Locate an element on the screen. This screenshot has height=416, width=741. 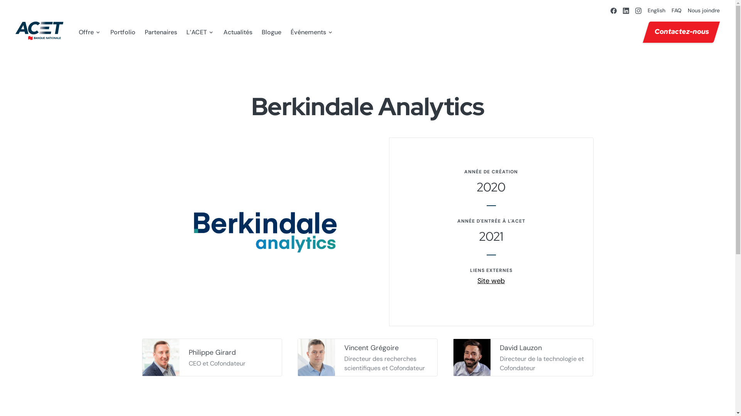
'Offre' is located at coordinates (78, 32).